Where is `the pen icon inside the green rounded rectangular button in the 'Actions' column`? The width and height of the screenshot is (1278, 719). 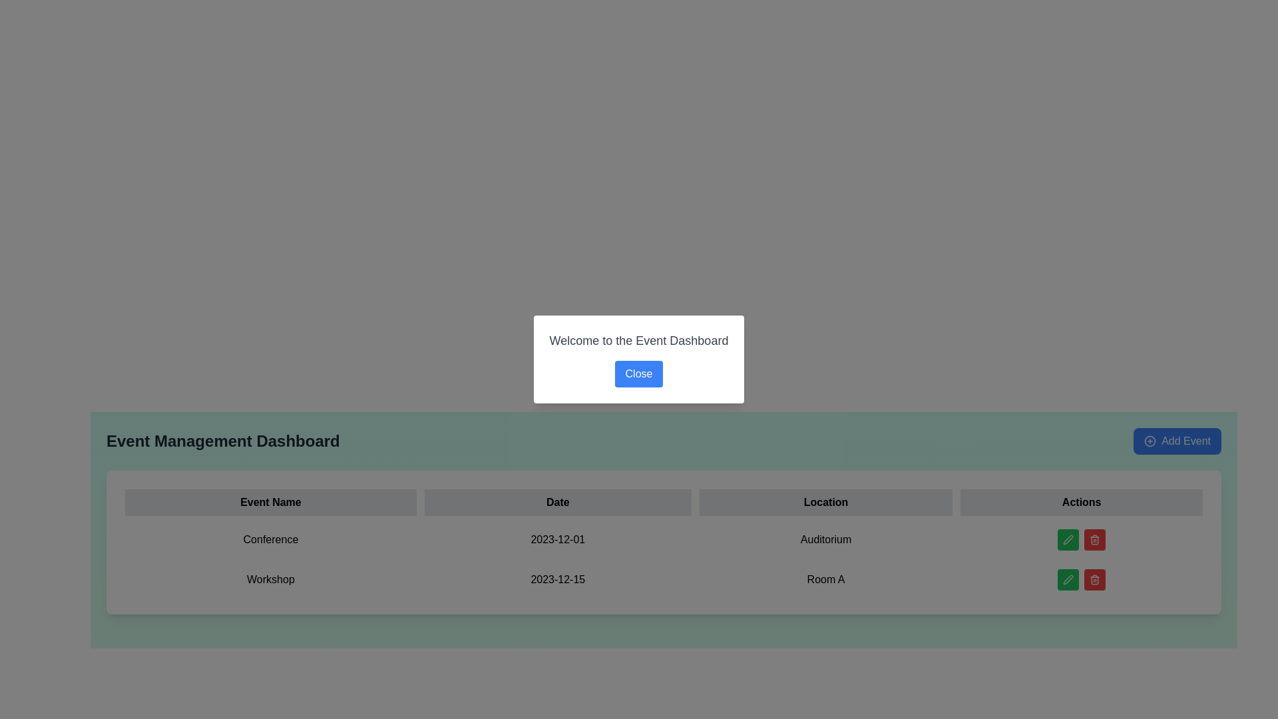 the pen icon inside the green rounded rectangular button in the 'Actions' column is located at coordinates (1068, 539).